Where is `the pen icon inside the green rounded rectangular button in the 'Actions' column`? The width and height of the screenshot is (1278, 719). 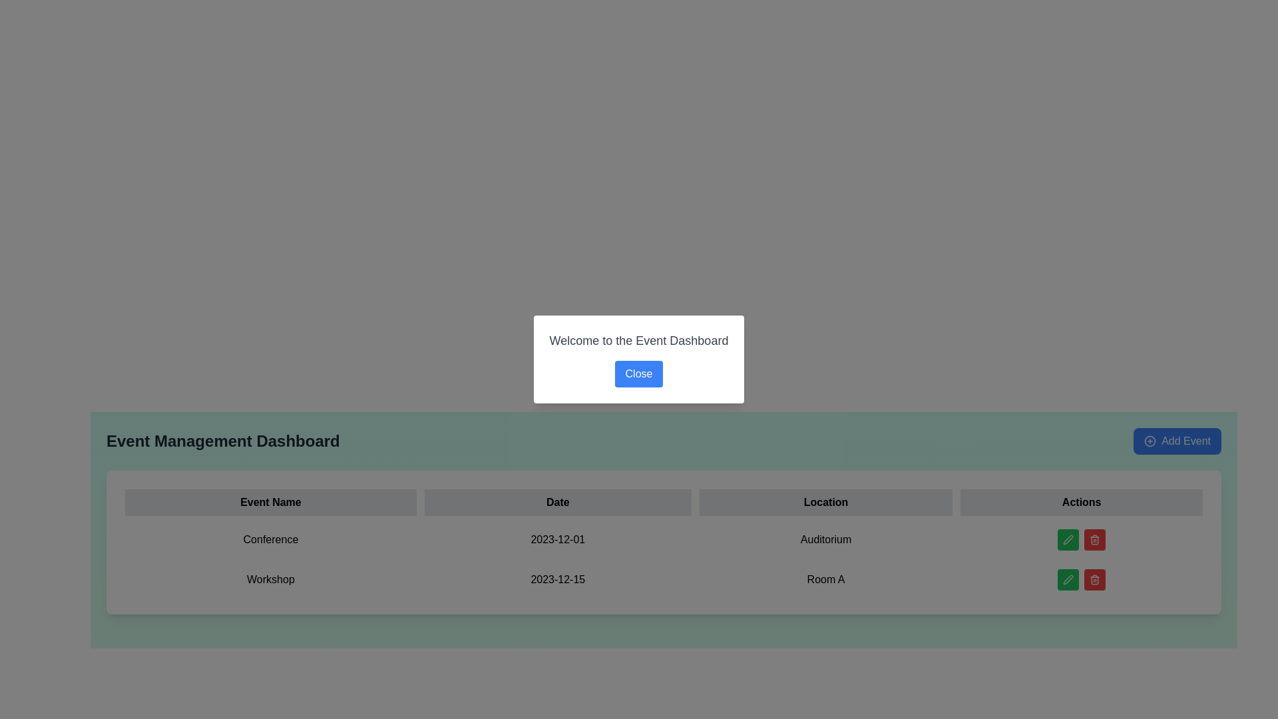 the pen icon inside the green rounded rectangular button in the 'Actions' column is located at coordinates (1068, 539).